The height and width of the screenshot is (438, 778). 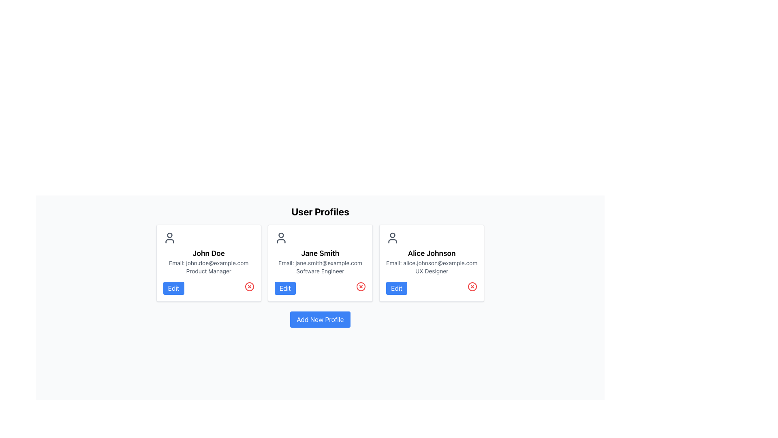 What do you see at coordinates (320, 319) in the screenshot?
I see `the blue rectangular button with rounded corners that has the text 'Add New Profile'` at bounding box center [320, 319].